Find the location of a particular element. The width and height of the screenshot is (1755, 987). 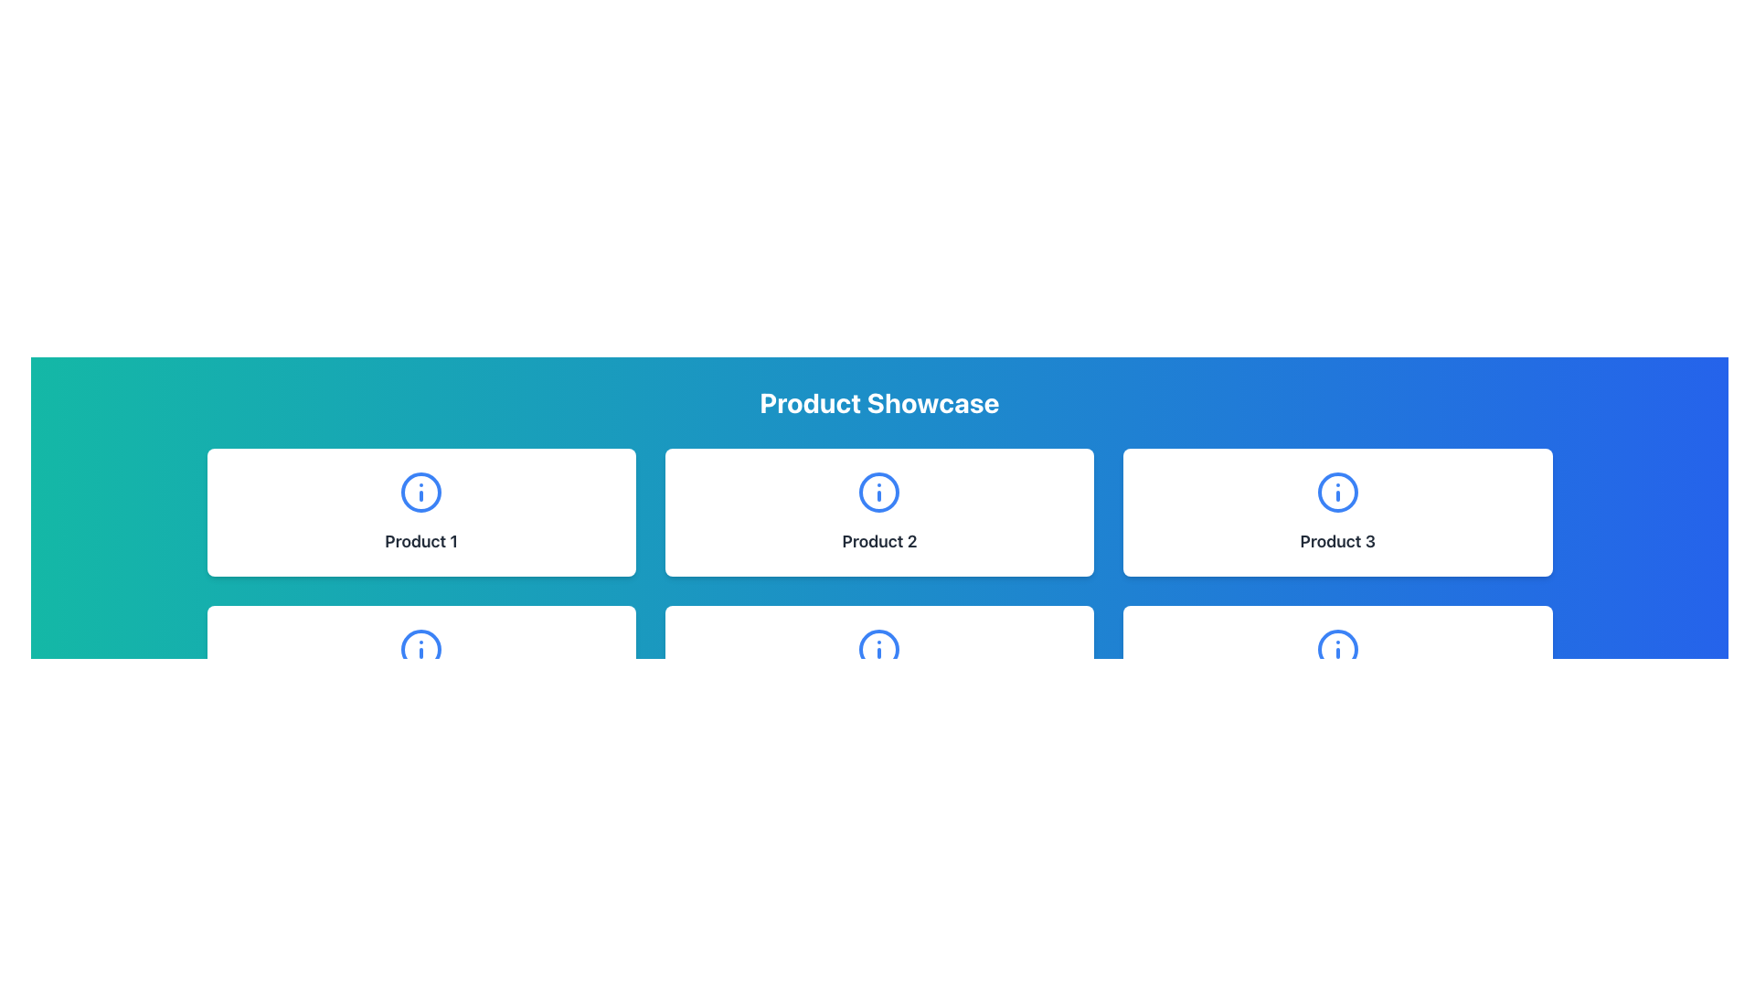

the 'Product 1' text label, which is styled with a bold font and dark gray color, located below an icon in the first card of a 3-column grid layout is located at coordinates (420, 541).